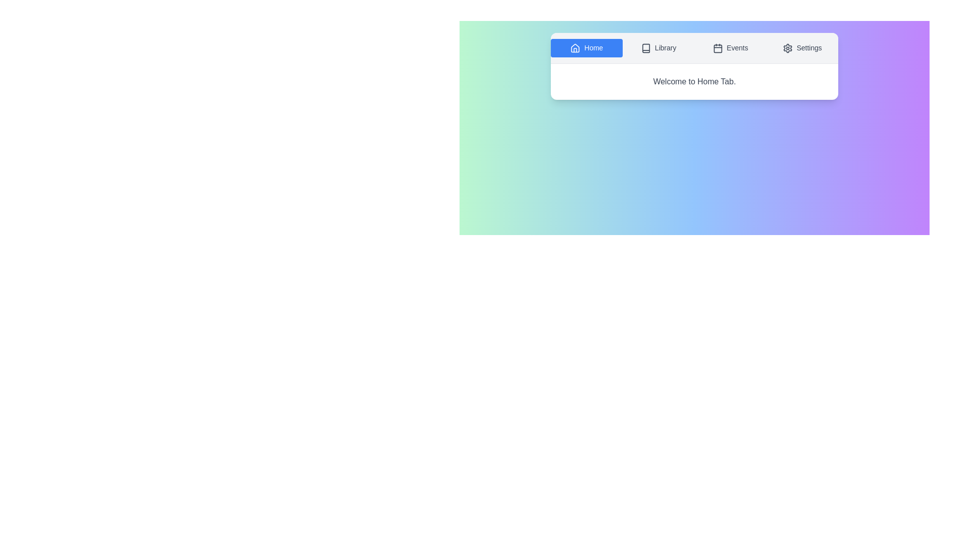  Describe the element at coordinates (694, 80) in the screenshot. I see `the static text element displaying 'Welcome to Home Tab.' which is centered below the navigation menu in a light-gray font against a white background` at that location.